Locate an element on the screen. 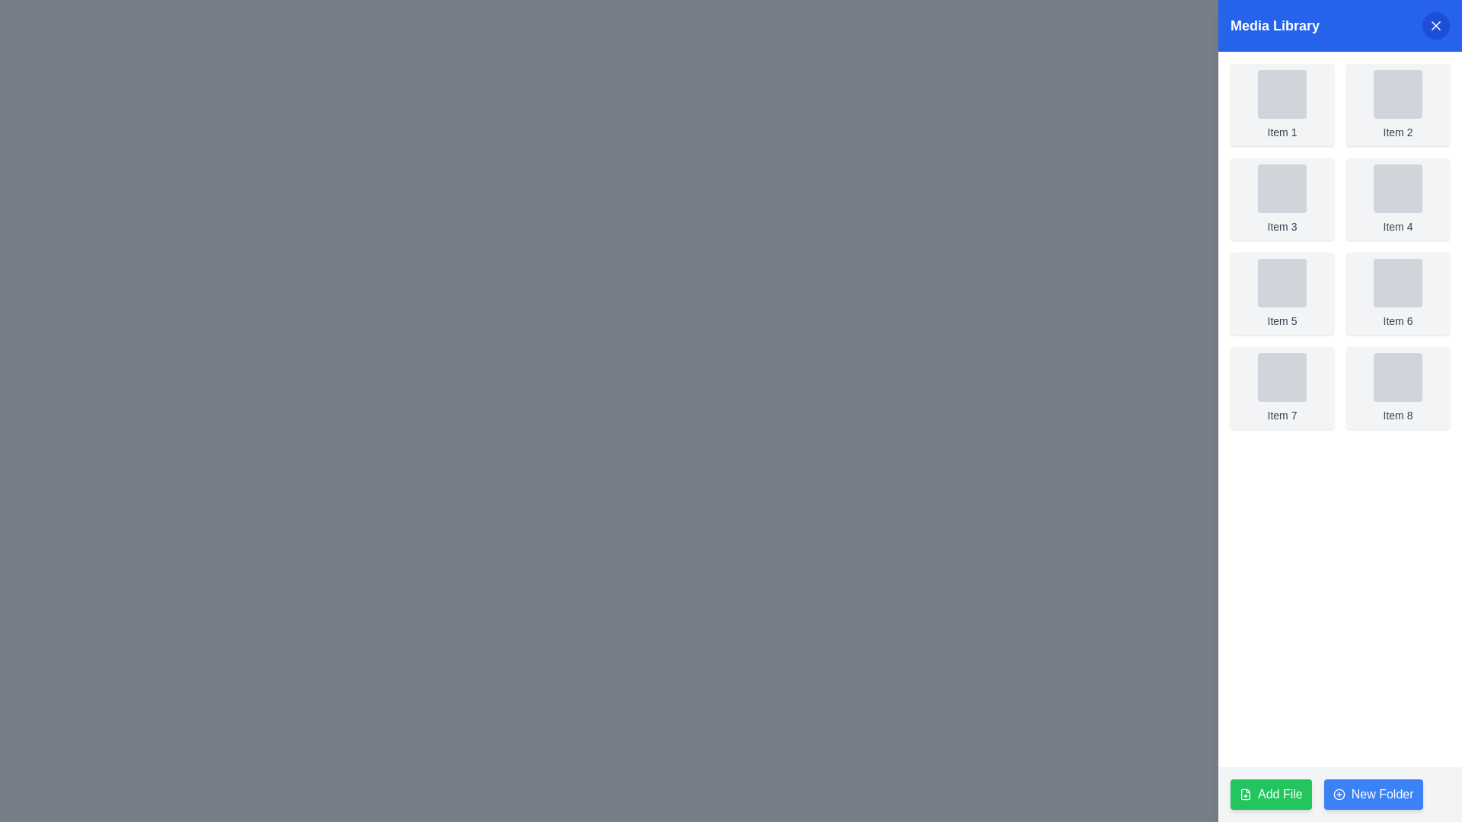 The image size is (1462, 822). the card representing an item in the media library grid layout is located at coordinates (1398, 199).